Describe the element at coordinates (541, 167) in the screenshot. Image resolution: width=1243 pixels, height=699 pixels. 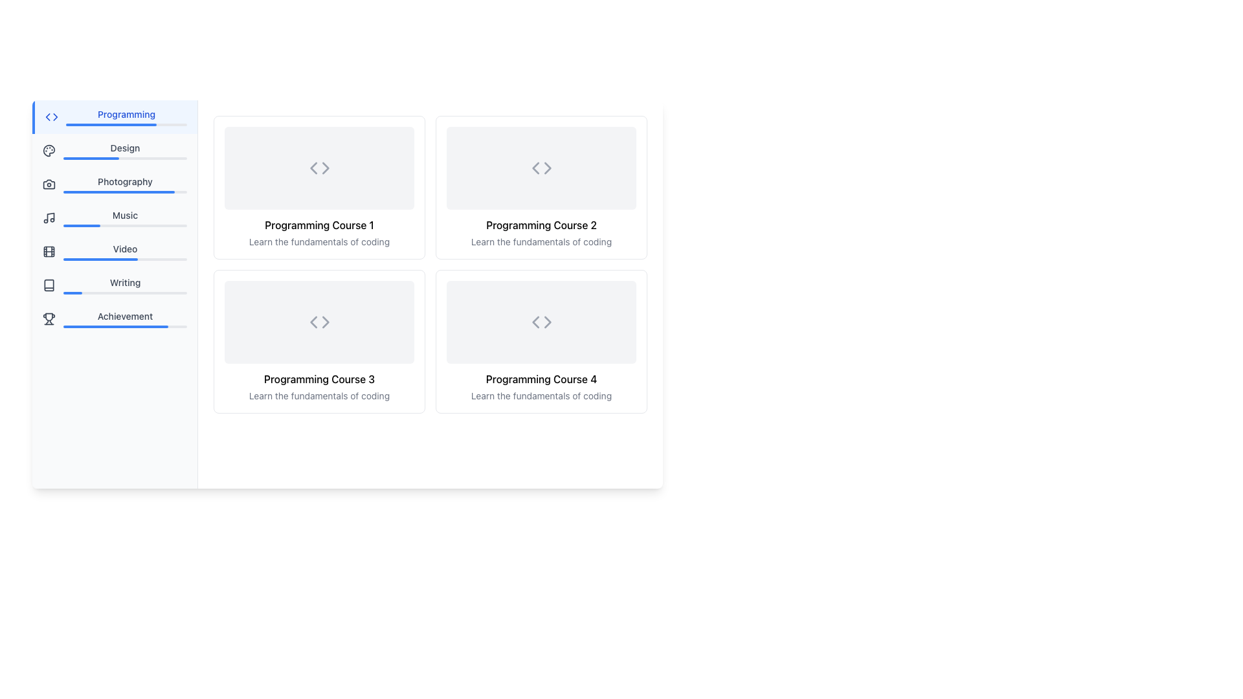
I see `the SVG icon resembling two triangular arrows pointing inward, located within the light gray rectangular card for 'Programming Course 2' in the top-right card of a 2x2 grid layout` at that location.